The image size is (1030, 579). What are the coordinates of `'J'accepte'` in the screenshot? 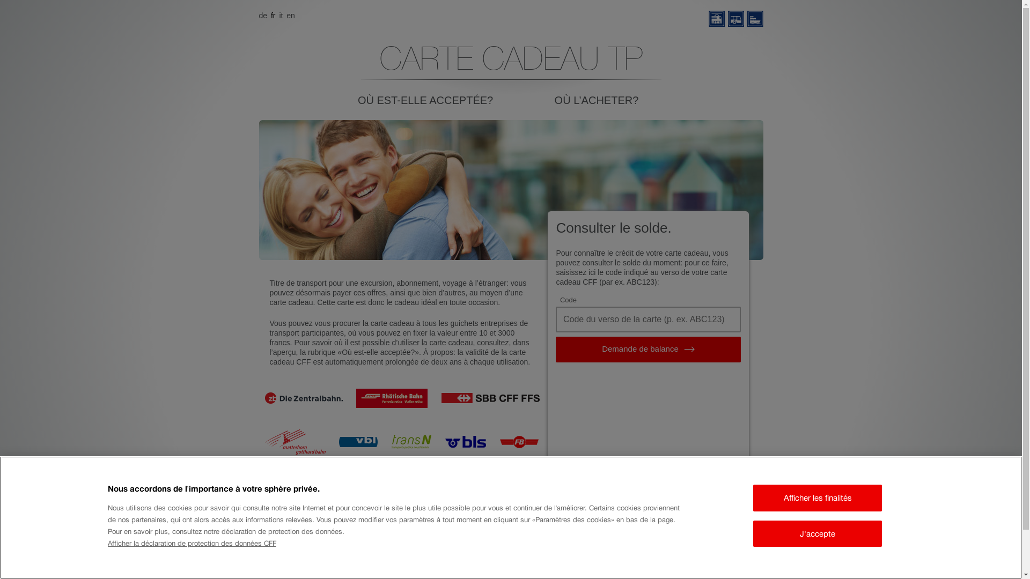 It's located at (816, 533).